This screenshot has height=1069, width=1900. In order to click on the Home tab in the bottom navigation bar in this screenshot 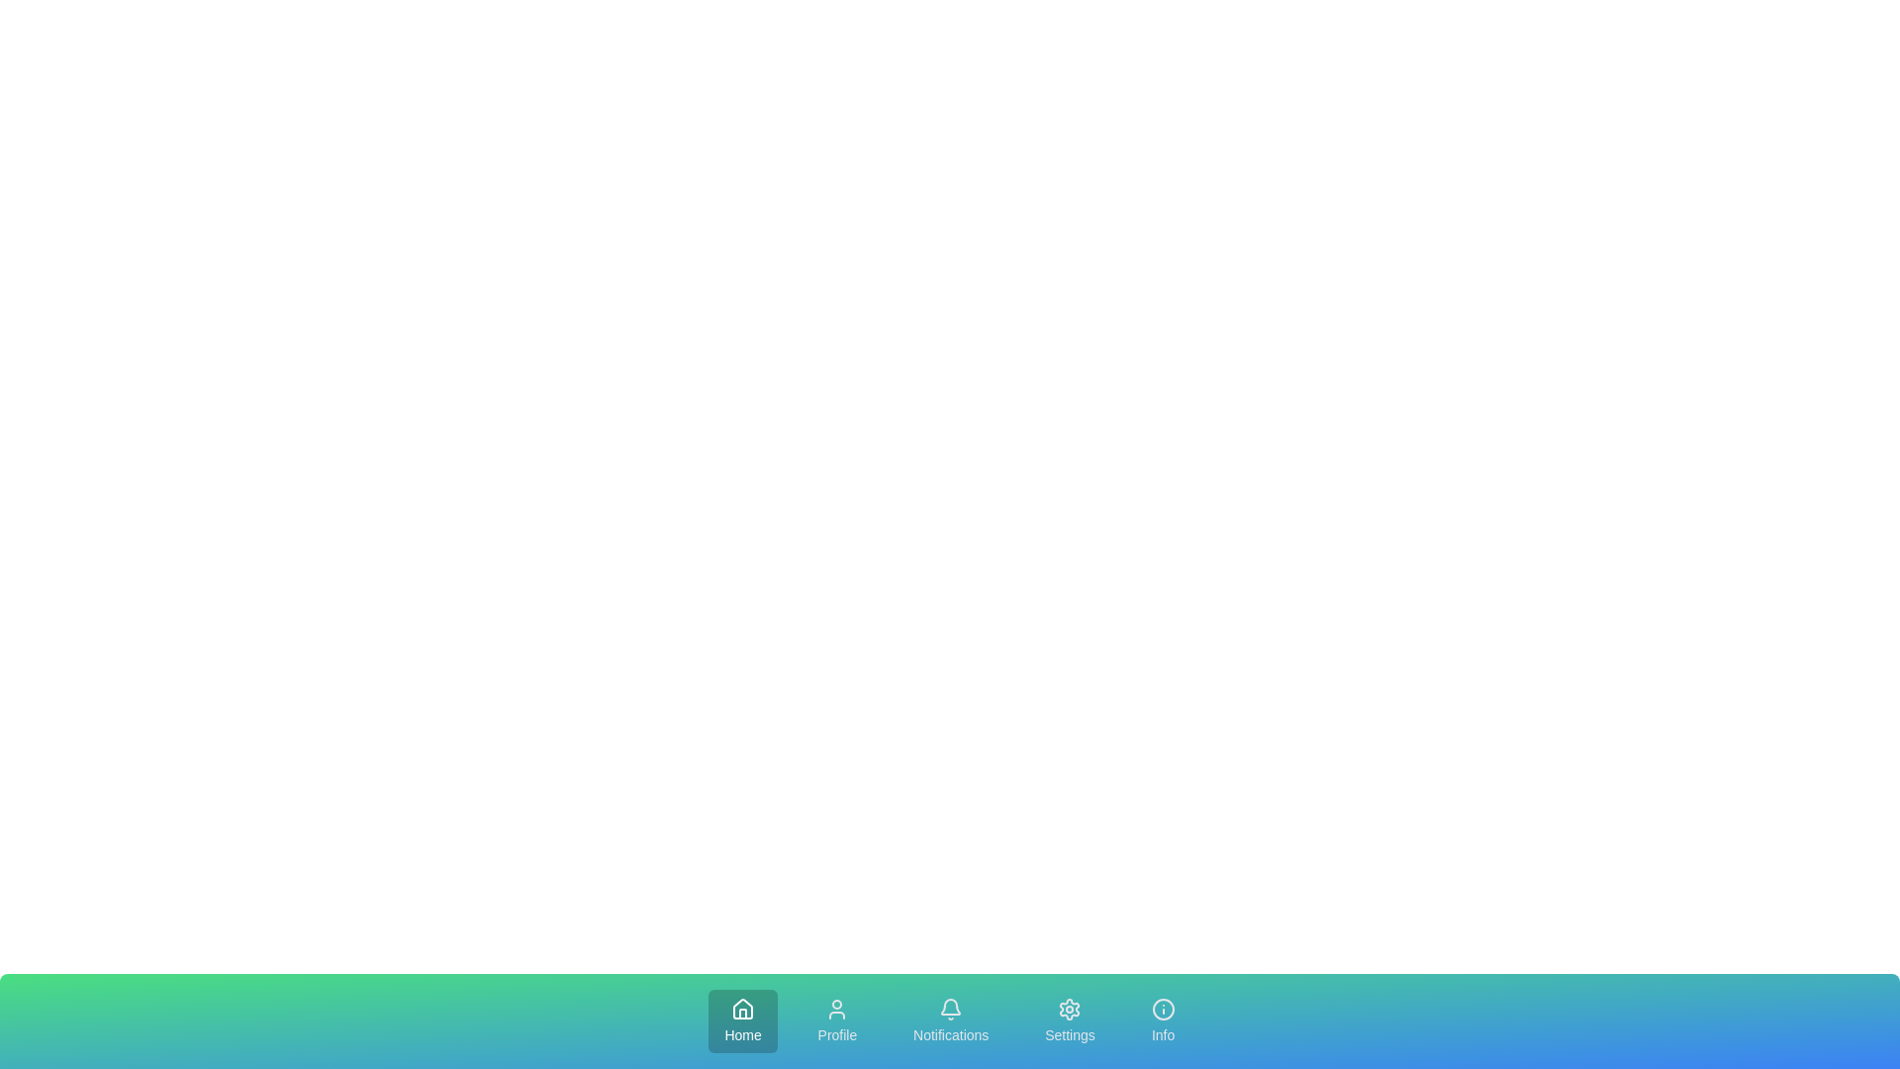, I will do `click(742, 1021)`.